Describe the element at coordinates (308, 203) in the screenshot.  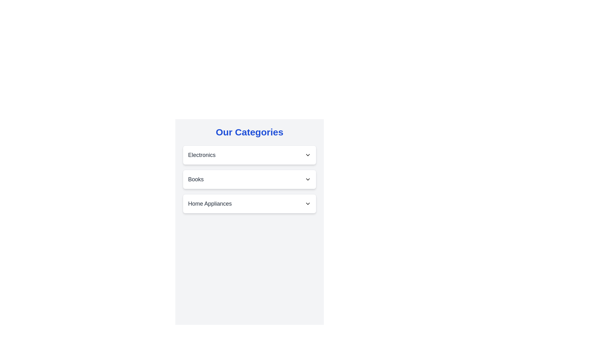
I see `the dropdown icon located to the right of the 'Home Appliances' text` at that location.